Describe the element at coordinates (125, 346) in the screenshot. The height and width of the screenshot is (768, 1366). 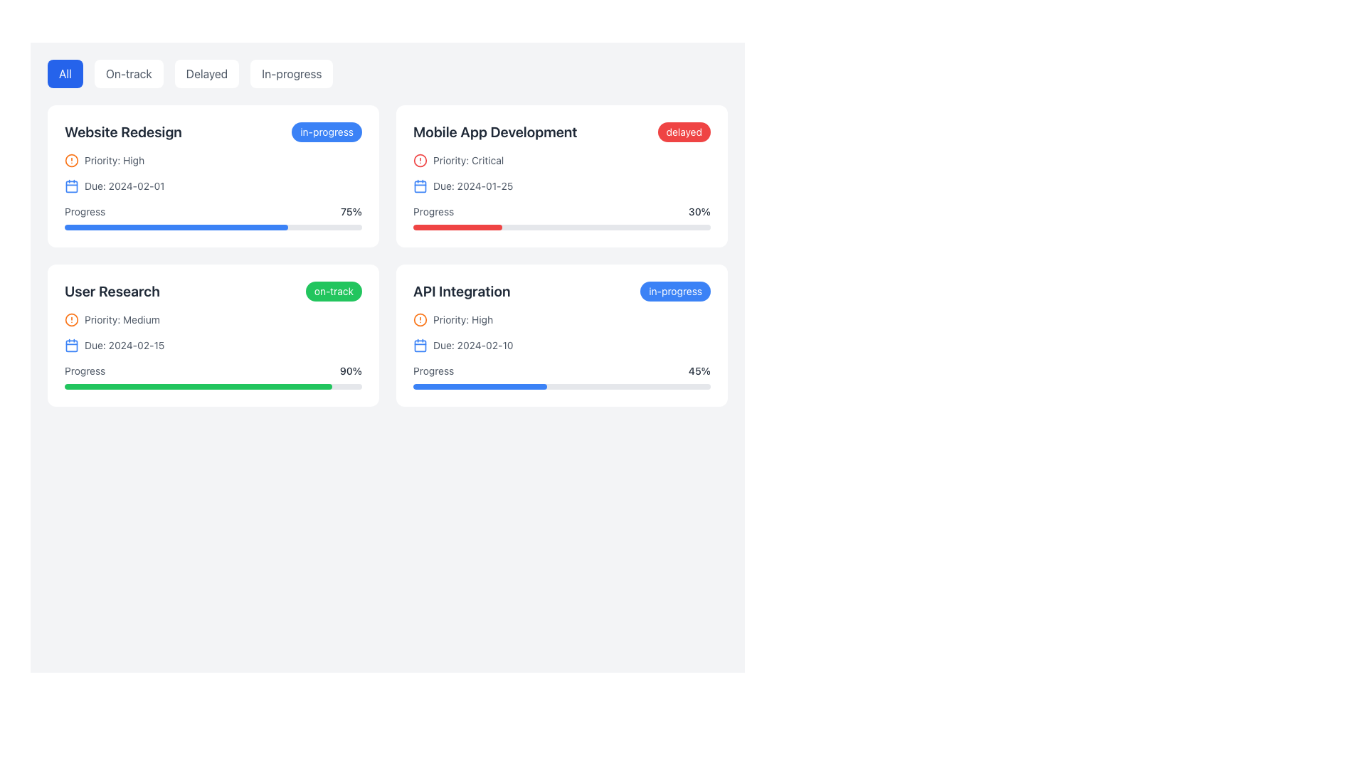
I see `the due date text label located beneath the 'Priority: Medium' label within the 'User Research' card, which is next to a small blue calendar icon` at that location.